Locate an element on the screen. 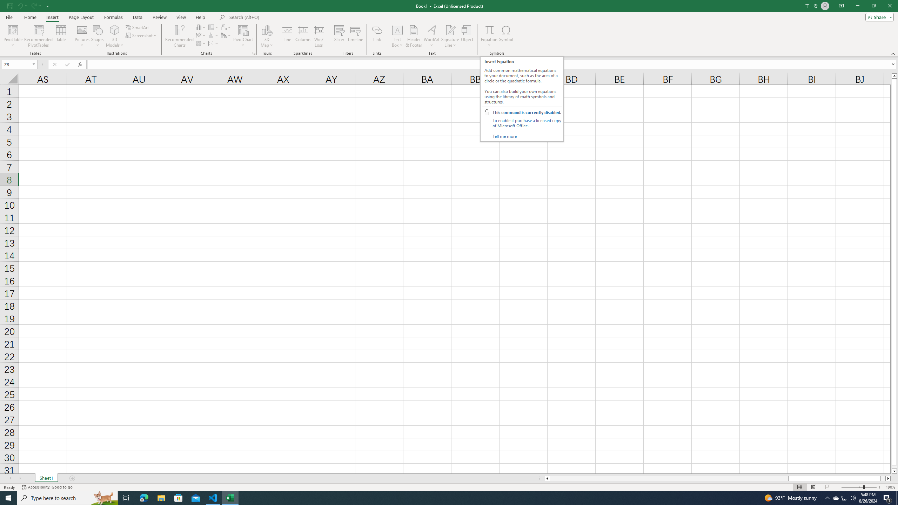 The width and height of the screenshot is (898, 505). 'Insert Combo Chart' is located at coordinates (226, 35).